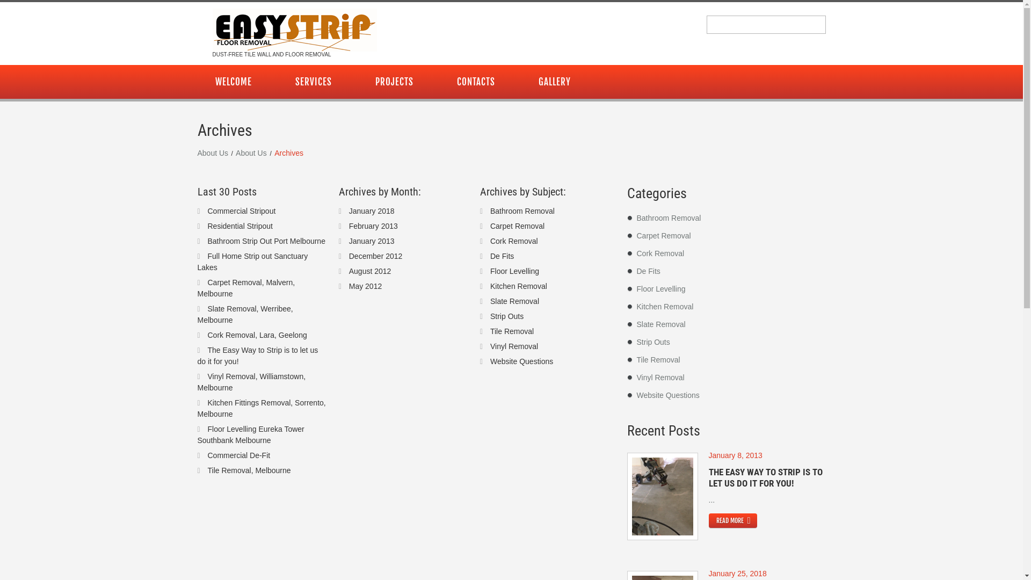 The height and width of the screenshot is (580, 1031). Describe the element at coordinates (252, 261) in the screenshot. I see `'Full Home Strip out Sanctuary Lakes'` at that location.